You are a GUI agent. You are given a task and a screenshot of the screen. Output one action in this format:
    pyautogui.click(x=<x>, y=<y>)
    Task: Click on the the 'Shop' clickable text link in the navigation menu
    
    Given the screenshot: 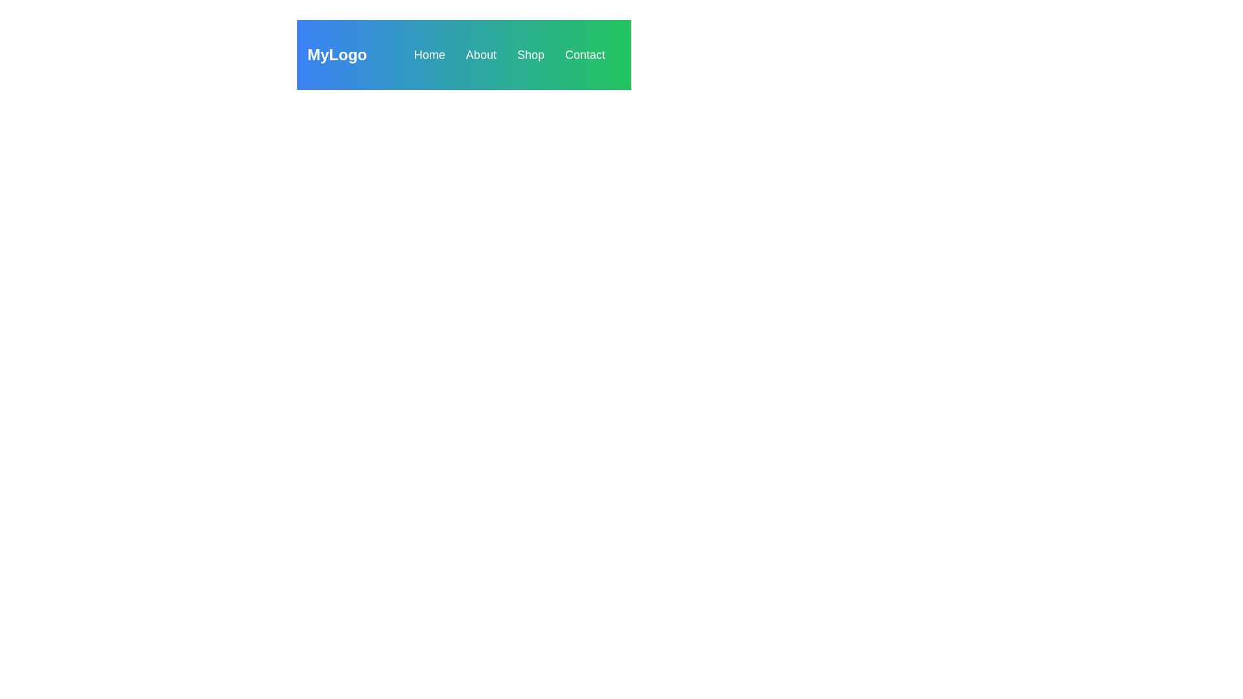 What is the action you would take?
    pyautogui.click(x=530, y=54)
    